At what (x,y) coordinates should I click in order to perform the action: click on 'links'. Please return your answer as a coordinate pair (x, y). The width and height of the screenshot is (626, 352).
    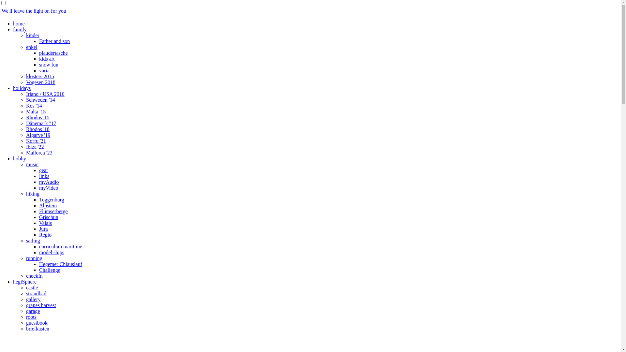
    Looking at the image, I should click on (44, 176).